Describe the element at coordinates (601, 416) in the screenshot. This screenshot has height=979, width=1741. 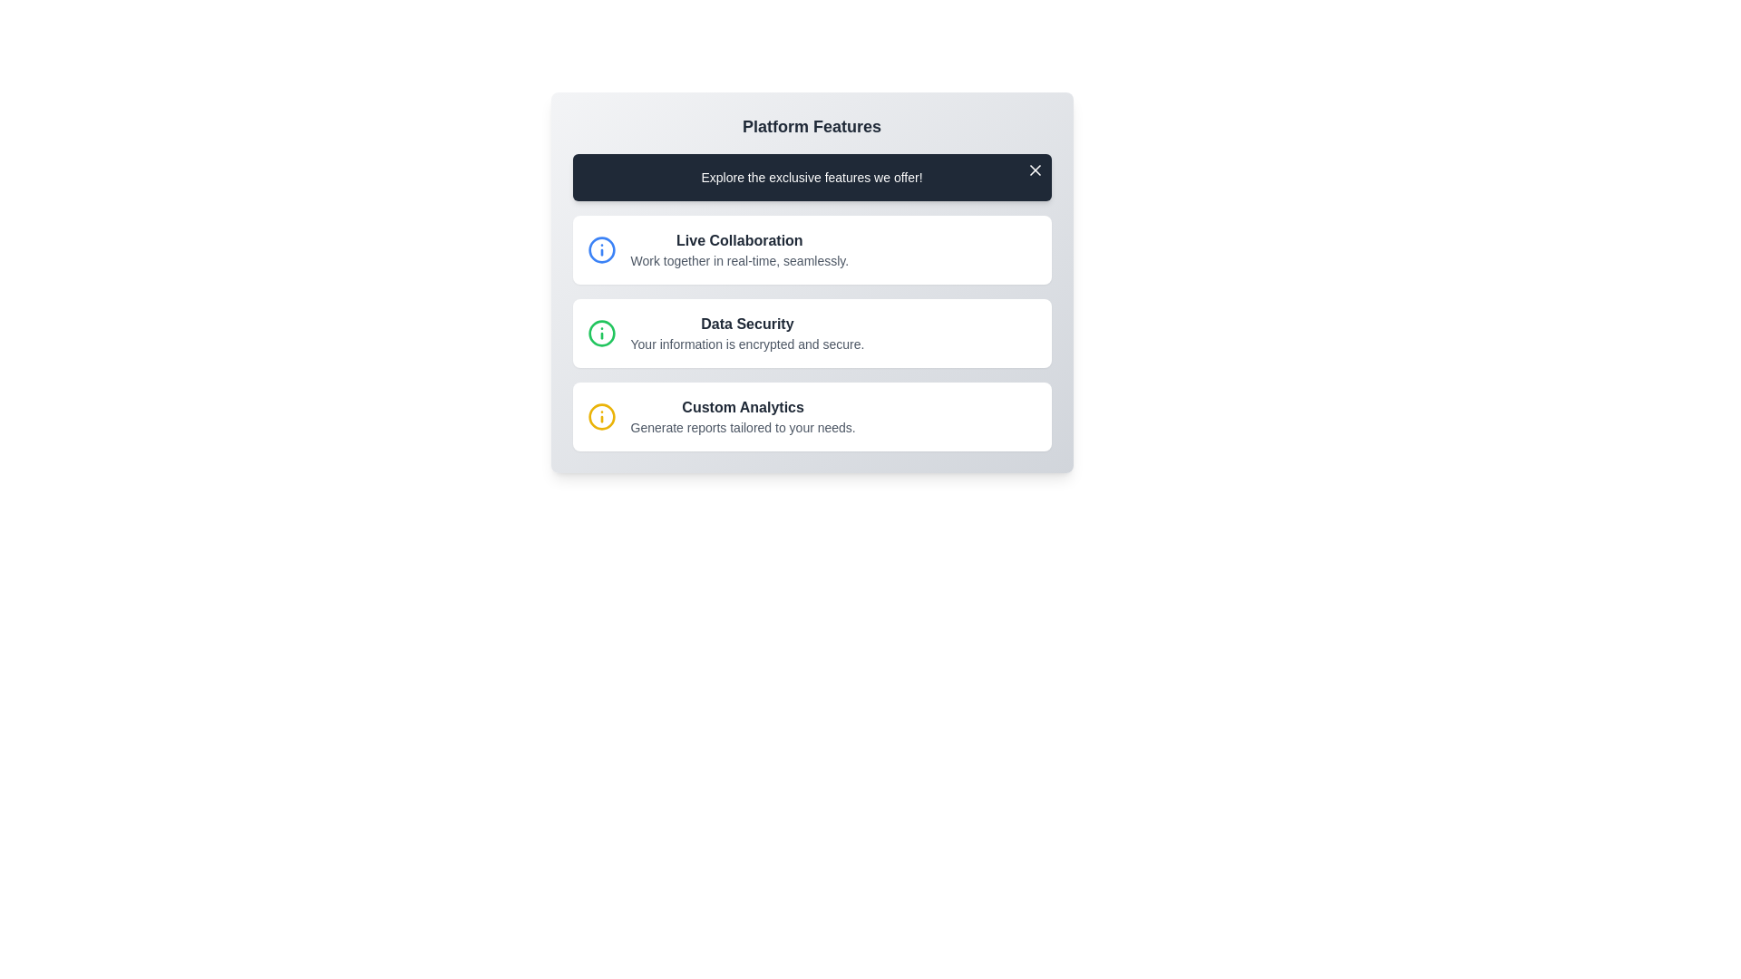
I see `the outermost circle representing the boundary of the 'Custom Analytics' icon, which is located at the far right of a vertical list of features` at that location.